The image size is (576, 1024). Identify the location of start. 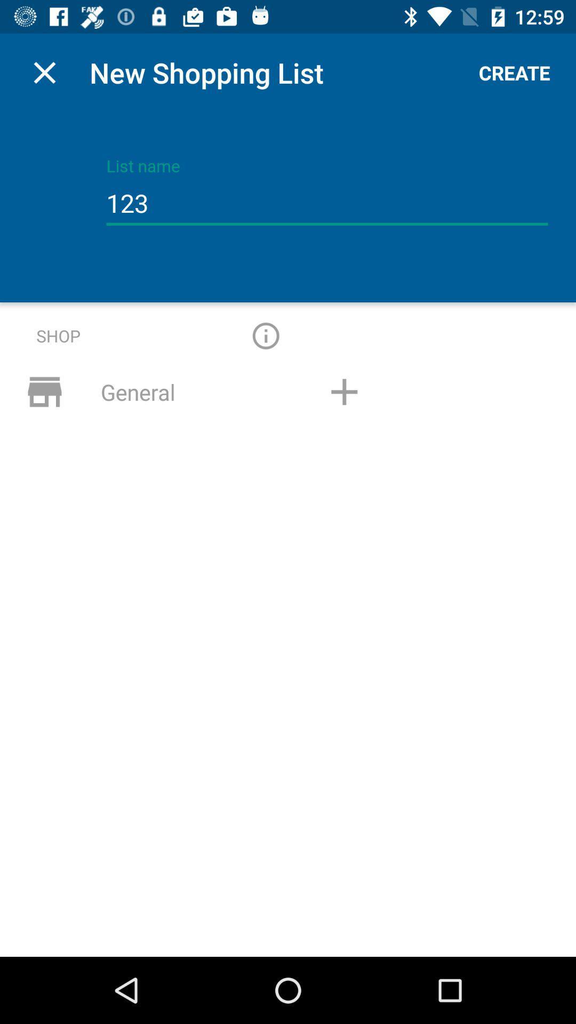
(265, 335).